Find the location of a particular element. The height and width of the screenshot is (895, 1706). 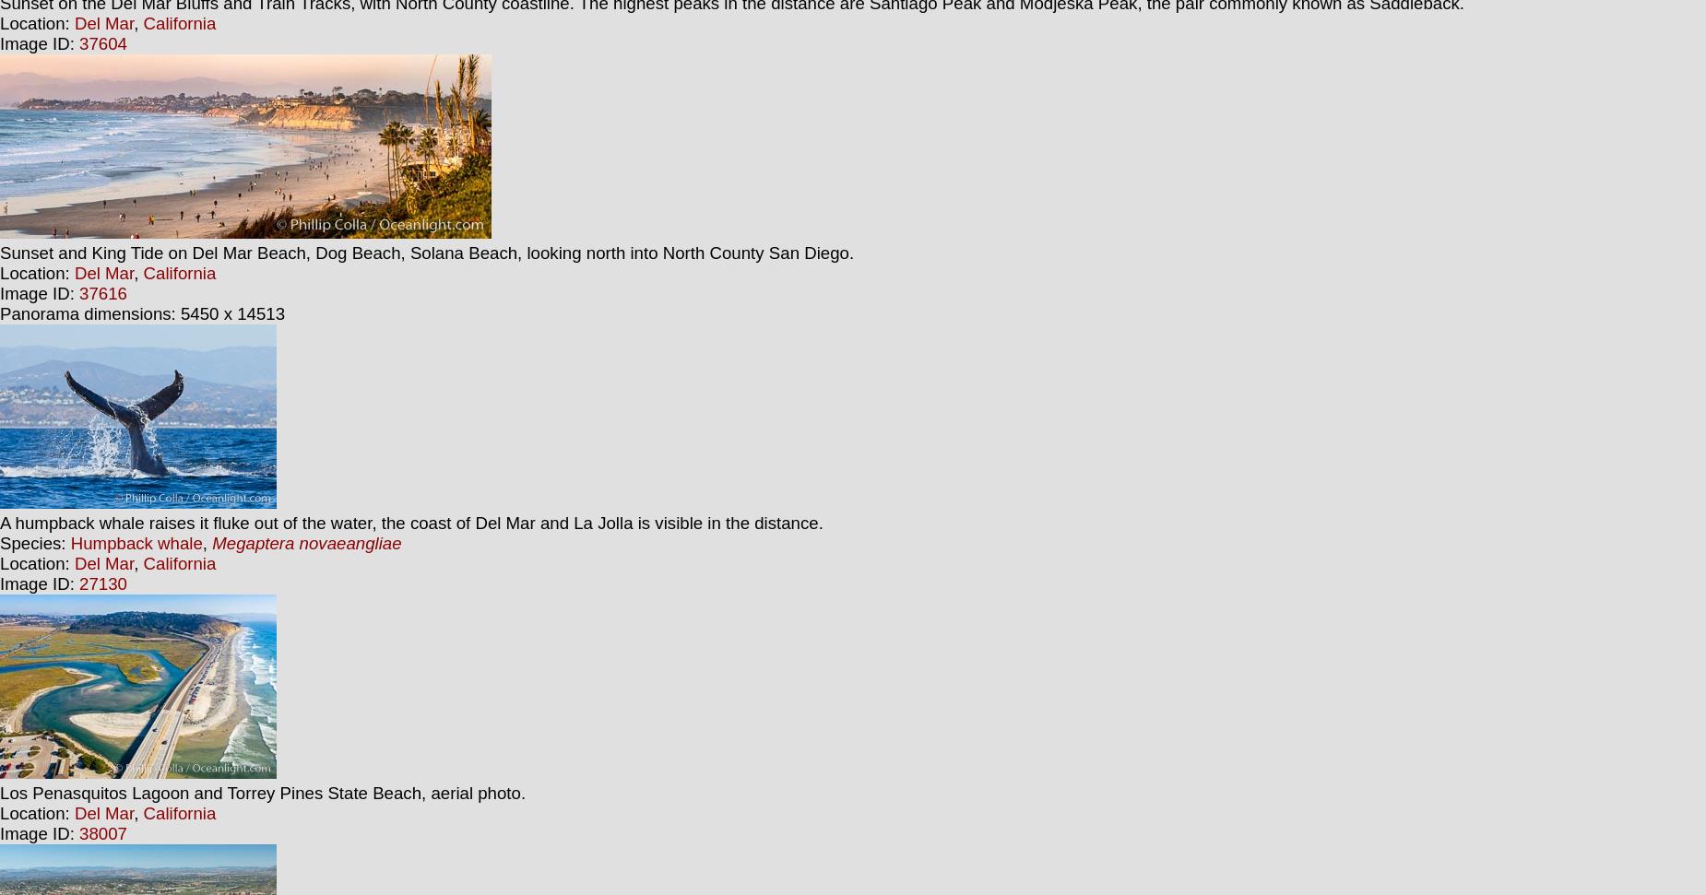

'A humpback whale raises it fluke out of the water, the coast of Del Mar and La Jolla is visible in the distance.' is located at coordinates (410, 523).